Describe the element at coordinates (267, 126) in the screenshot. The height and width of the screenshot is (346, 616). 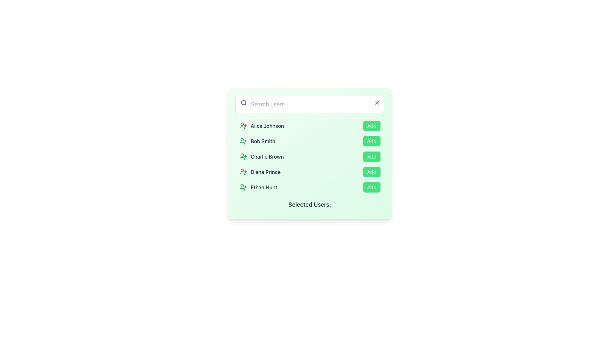
I see `text label that identifies the first user in the list, which is located to the left of the user-plus icon within the green panel` at that location.